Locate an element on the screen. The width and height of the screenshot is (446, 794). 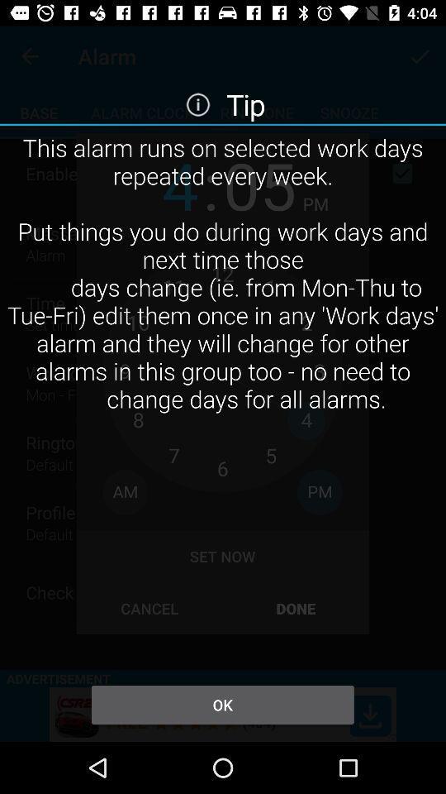
the icon below this alarm runs item is located at coordinates (222, 704).